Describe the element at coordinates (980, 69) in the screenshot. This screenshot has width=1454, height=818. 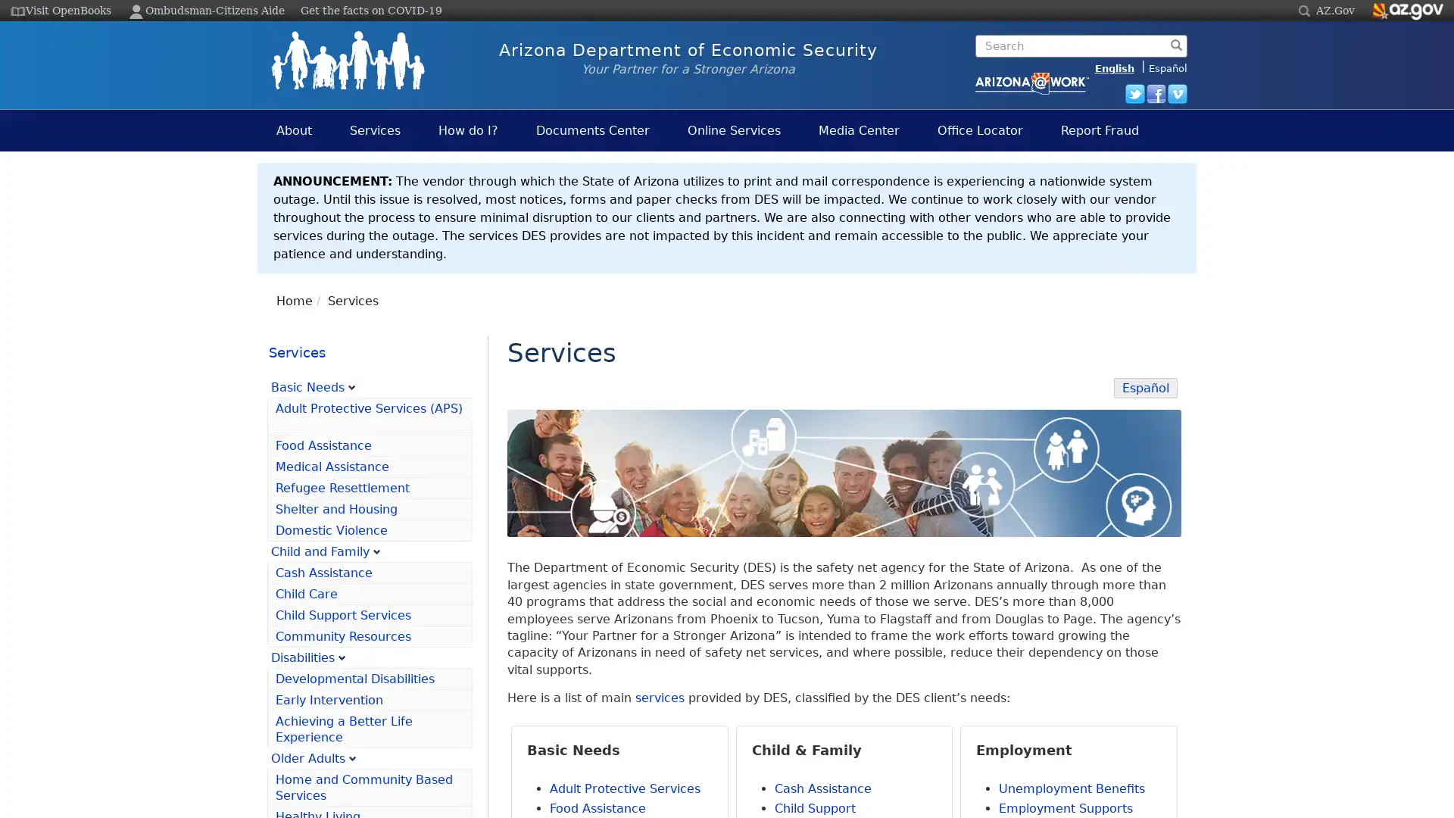
I see `Search` at that location.